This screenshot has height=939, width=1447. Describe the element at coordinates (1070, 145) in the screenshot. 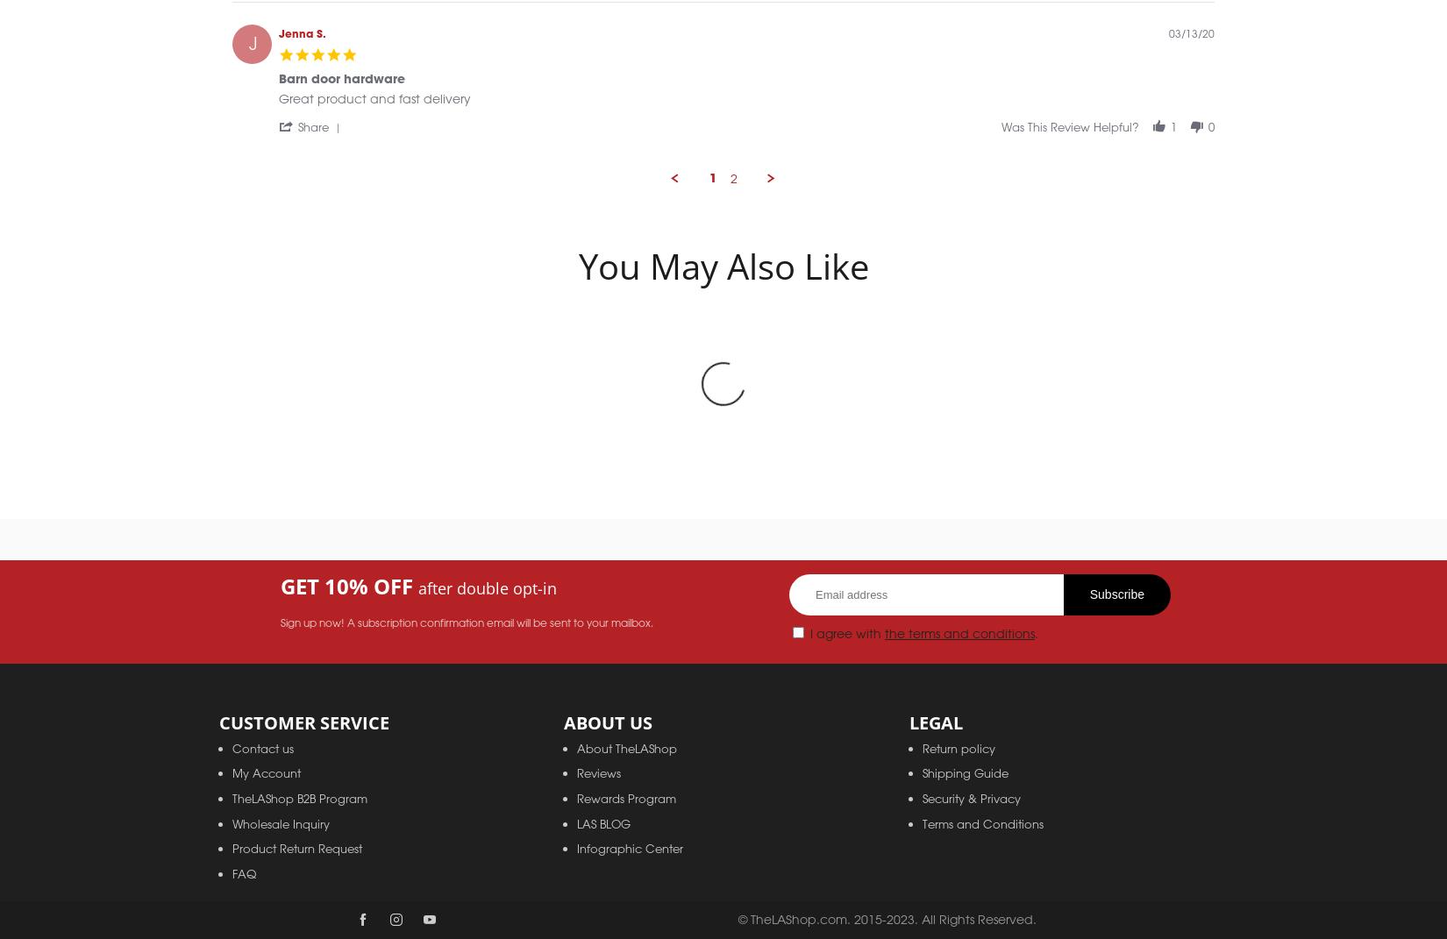

I see `'Was this review helpful?'` at that location.